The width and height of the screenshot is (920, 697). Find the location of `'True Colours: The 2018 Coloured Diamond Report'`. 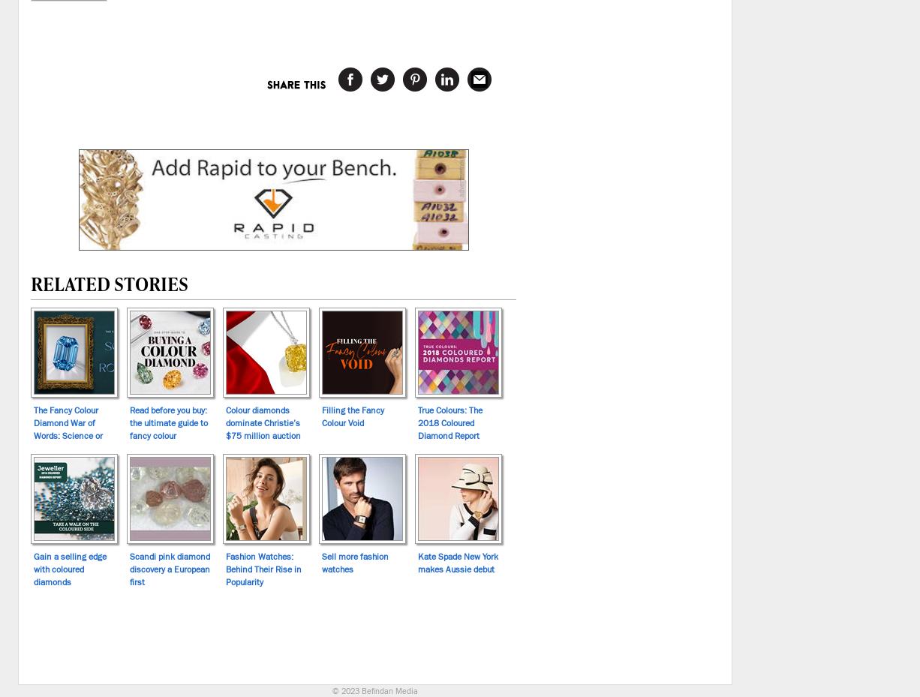

'True Colours: The 2018 Coloured Diamond Report' is located at coordinates (416, 421).